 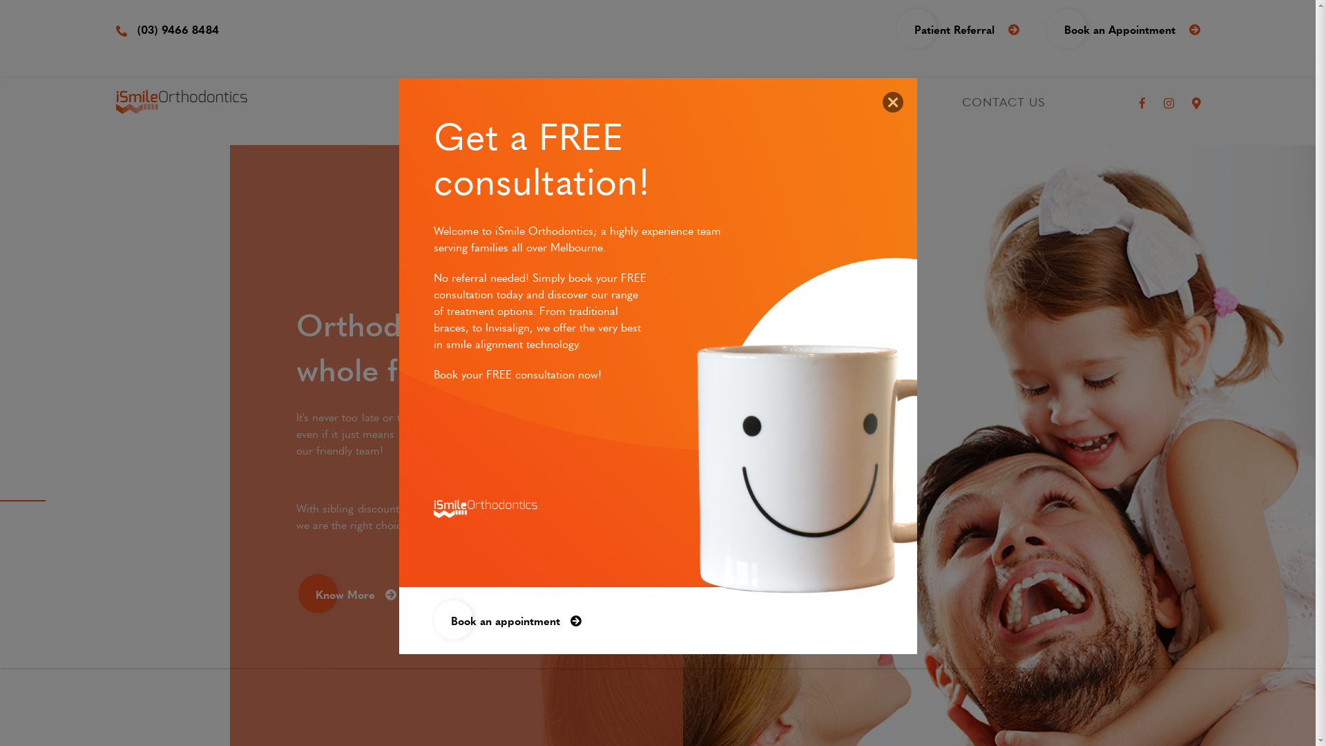 I want to click on 'Book an appointment', so click(x=450, y=620).